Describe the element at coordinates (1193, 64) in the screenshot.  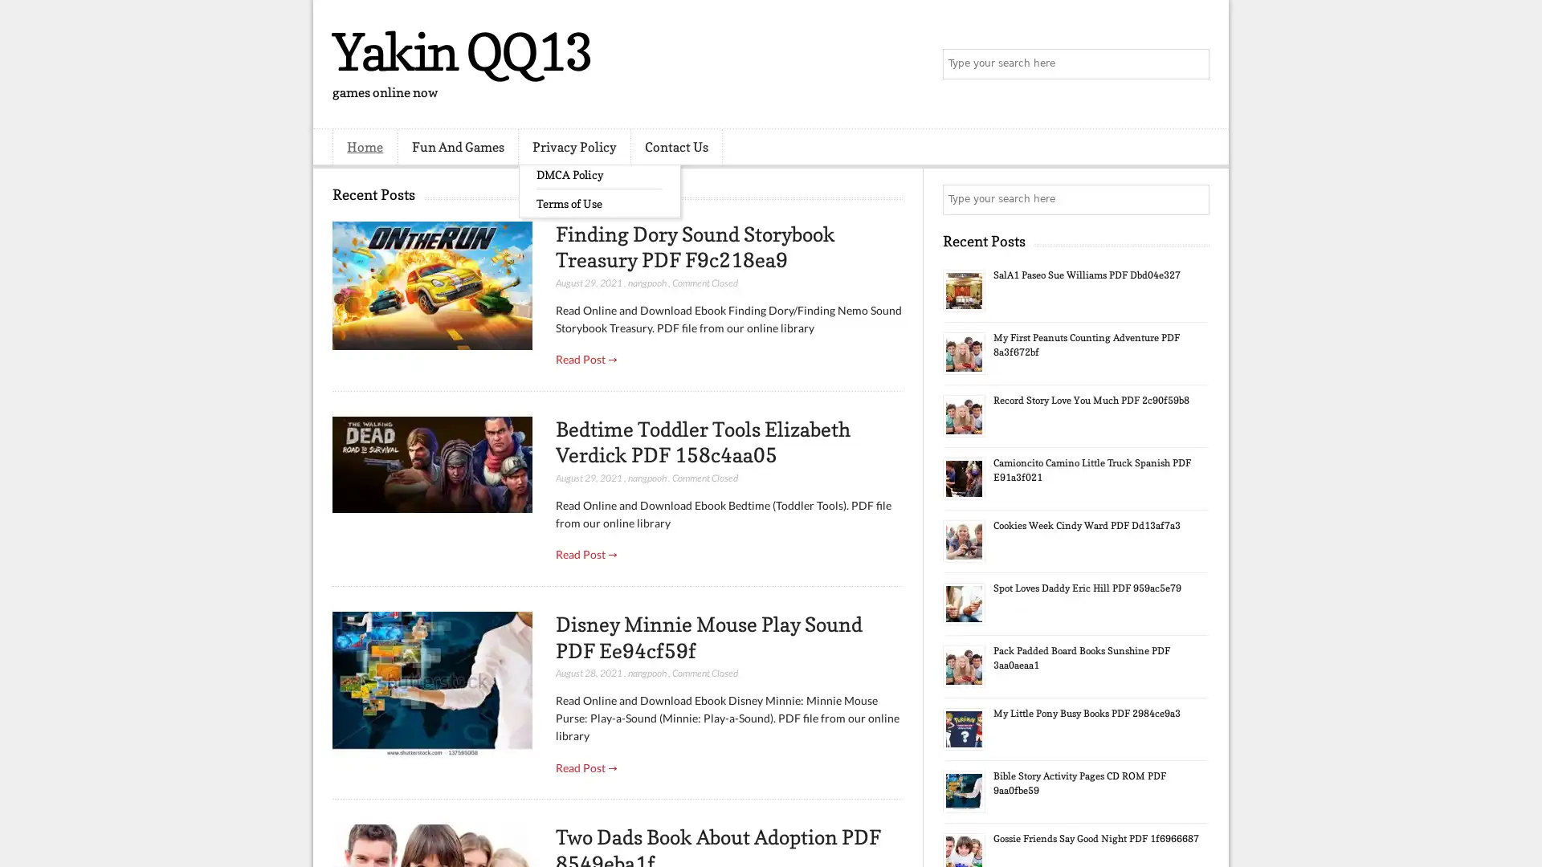
I see `Search` at that location.